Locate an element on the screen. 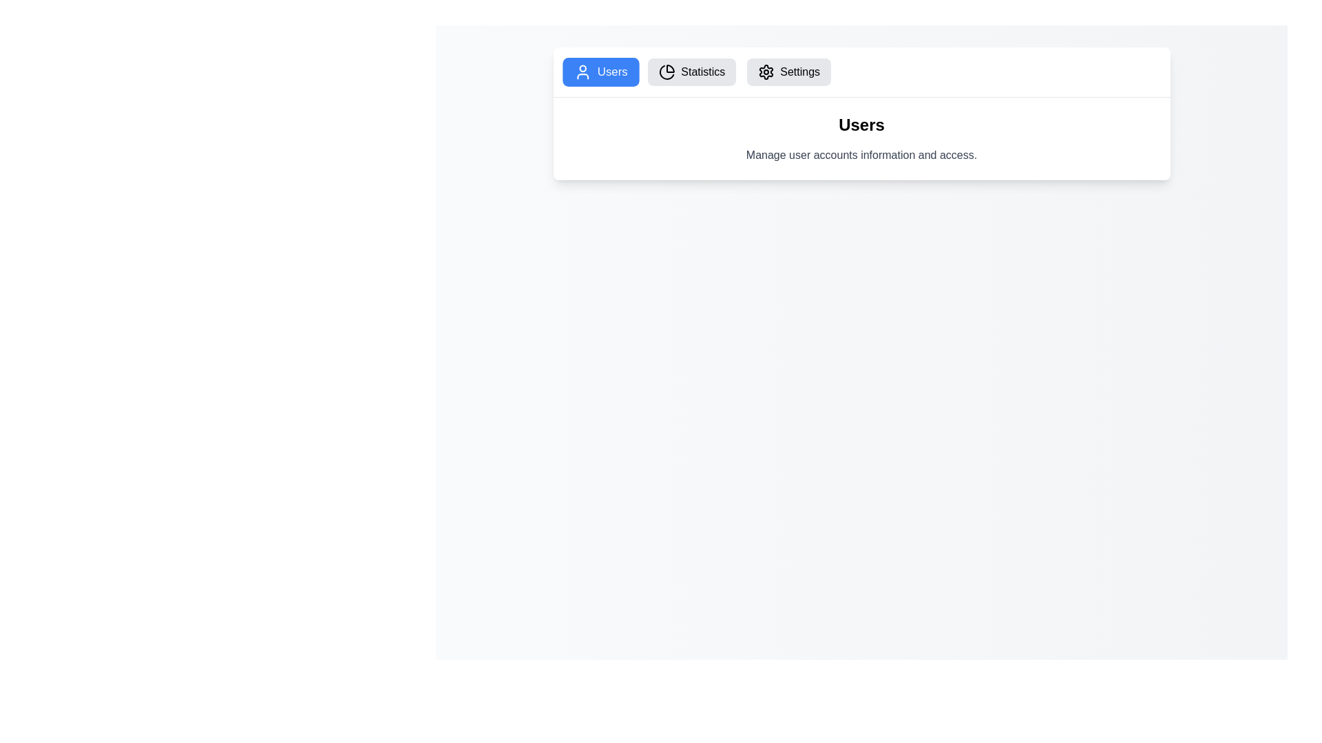 Image resolution: width=1322 pixels, height=743 pixels. the cogwheel icon styled as an SVG graphic, which is located to the left of the 'Settings' button and right of the 'Statistics' button in the horizontal navigation bar is located at coordinates (766, 72).